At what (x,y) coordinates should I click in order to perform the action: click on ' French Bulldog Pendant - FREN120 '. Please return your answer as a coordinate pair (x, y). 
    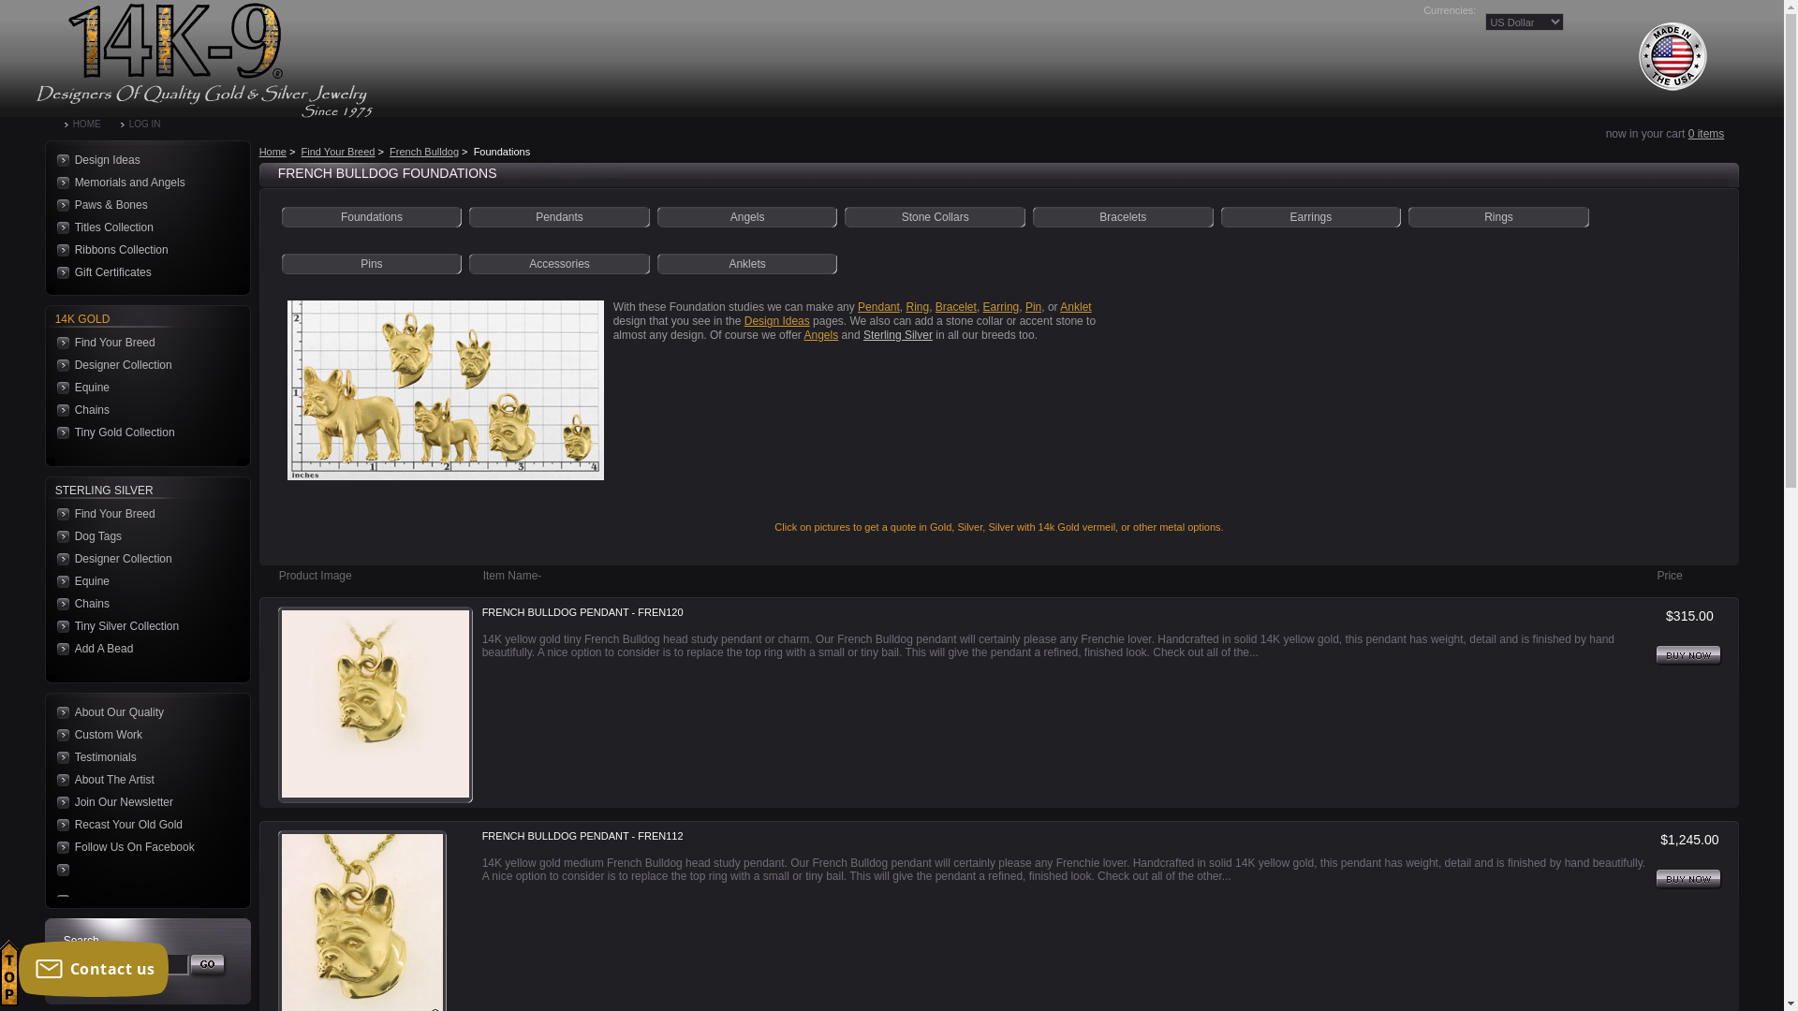
    Looking at the image, I should click on (375, 704).